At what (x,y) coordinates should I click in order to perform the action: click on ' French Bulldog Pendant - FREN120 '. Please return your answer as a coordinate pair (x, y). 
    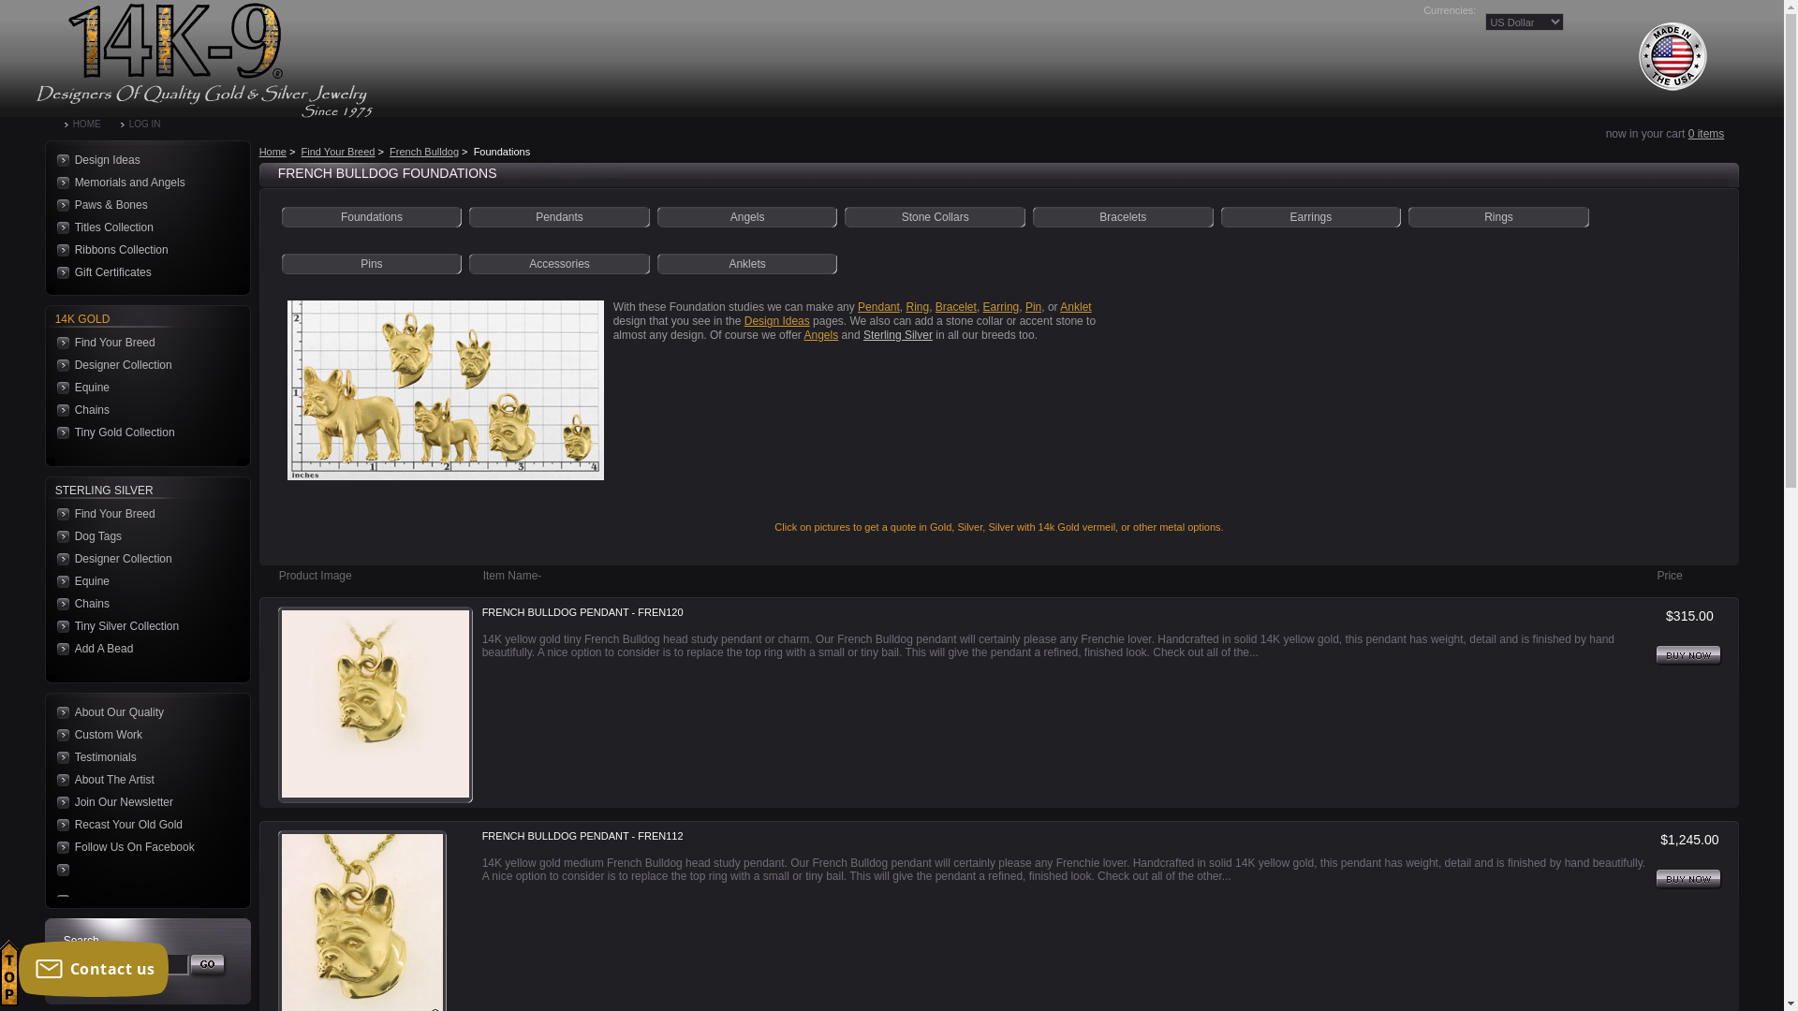
    Looking at the image, I should click on (375, 704).